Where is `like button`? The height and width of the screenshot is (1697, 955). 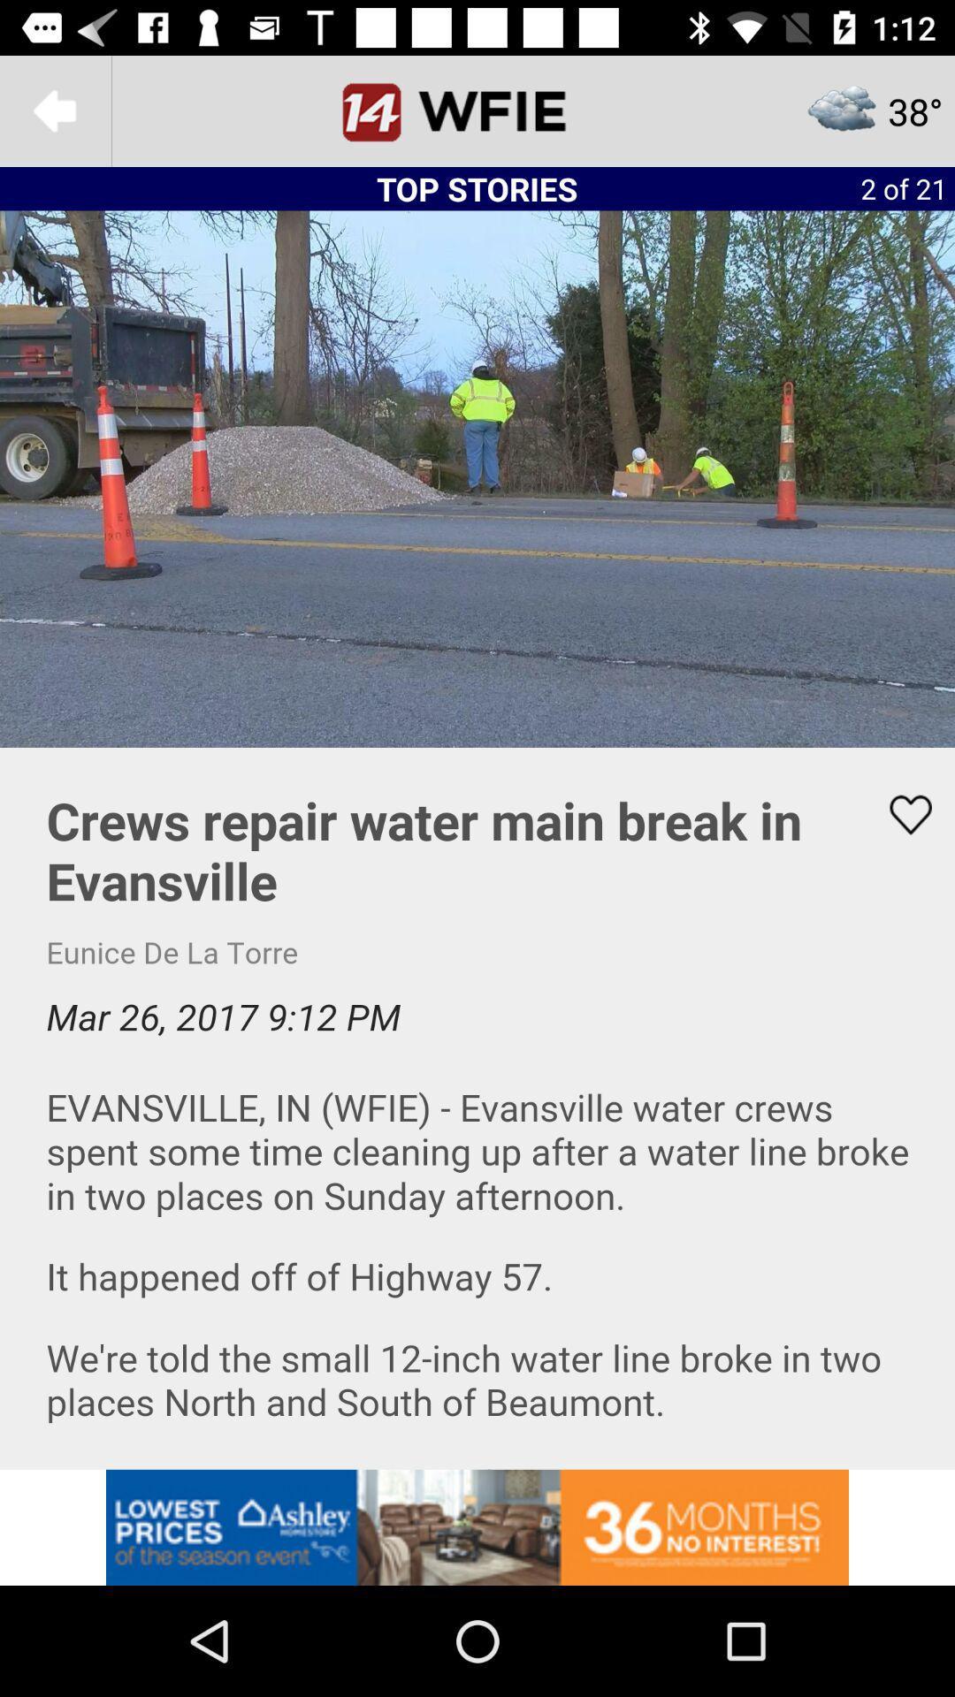
like button is located at coordinates (899, 814).